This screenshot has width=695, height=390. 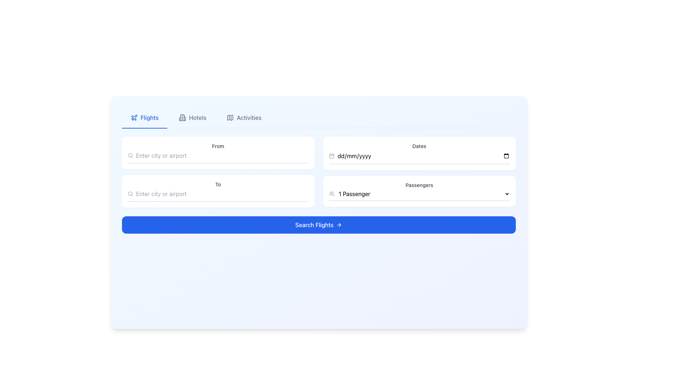 I want to click on the Tab navigation bar, so click(x=319, y=117).